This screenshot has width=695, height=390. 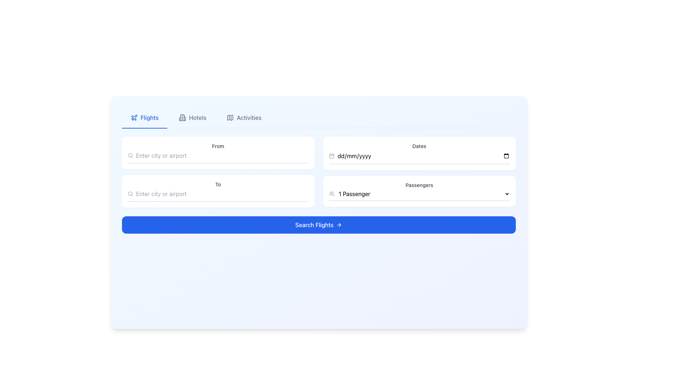 I want to click on the Tab navigation bar, so click(x=319, y=117).